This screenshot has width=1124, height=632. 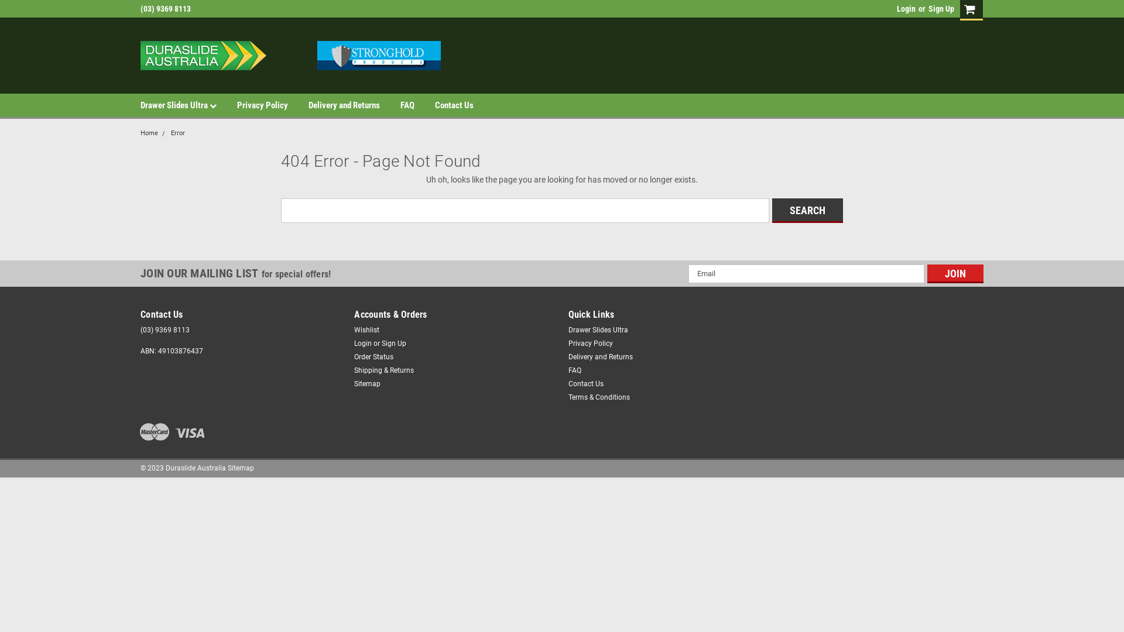 What do you see at coordinates (384, 370) in the screenshot?
I see `'Shipping & Returns'` at bounding box center [384, 370].